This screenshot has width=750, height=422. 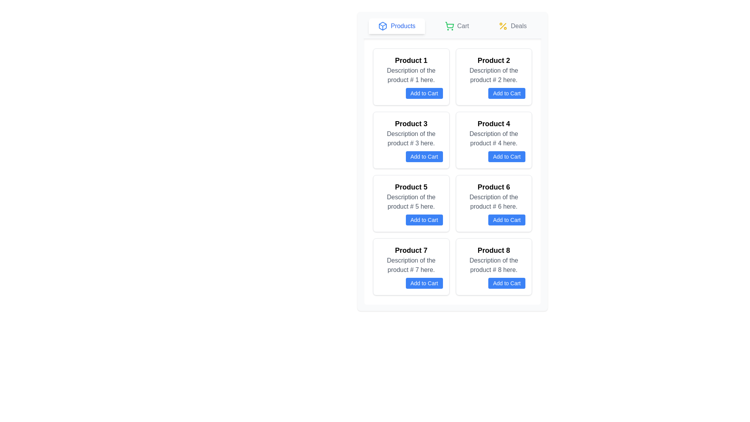 I want to click on the static text label that identifies the product in the eighth card of the grid layout, located above the description text and 'Add to Cart' button, so click(x=493, y=250).